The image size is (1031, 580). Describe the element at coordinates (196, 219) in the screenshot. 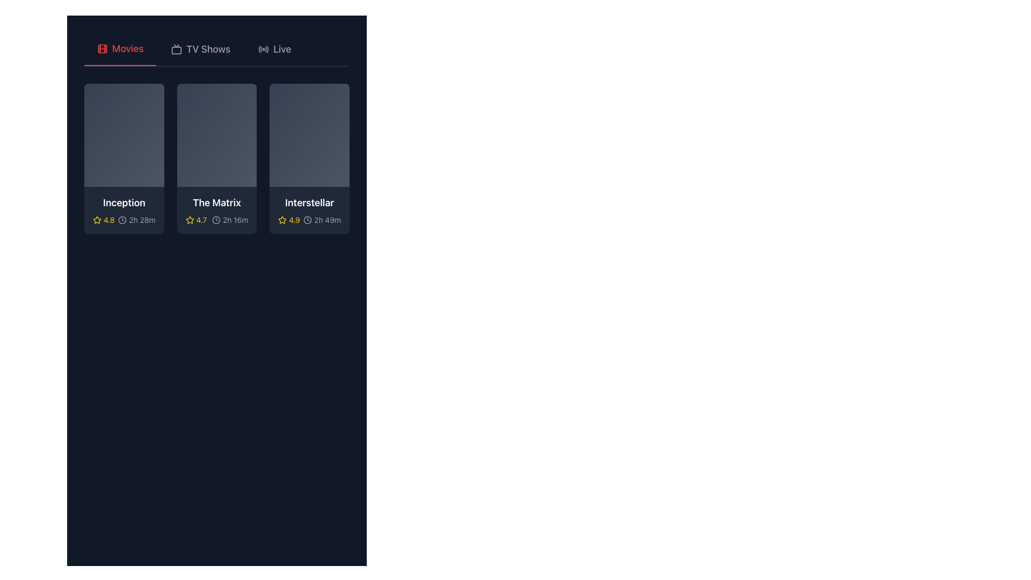

I see `the rating value displayed for the movie 'The Matrix' located underneath its title, indicated by a star icon and adjacent numerical value` at that location.